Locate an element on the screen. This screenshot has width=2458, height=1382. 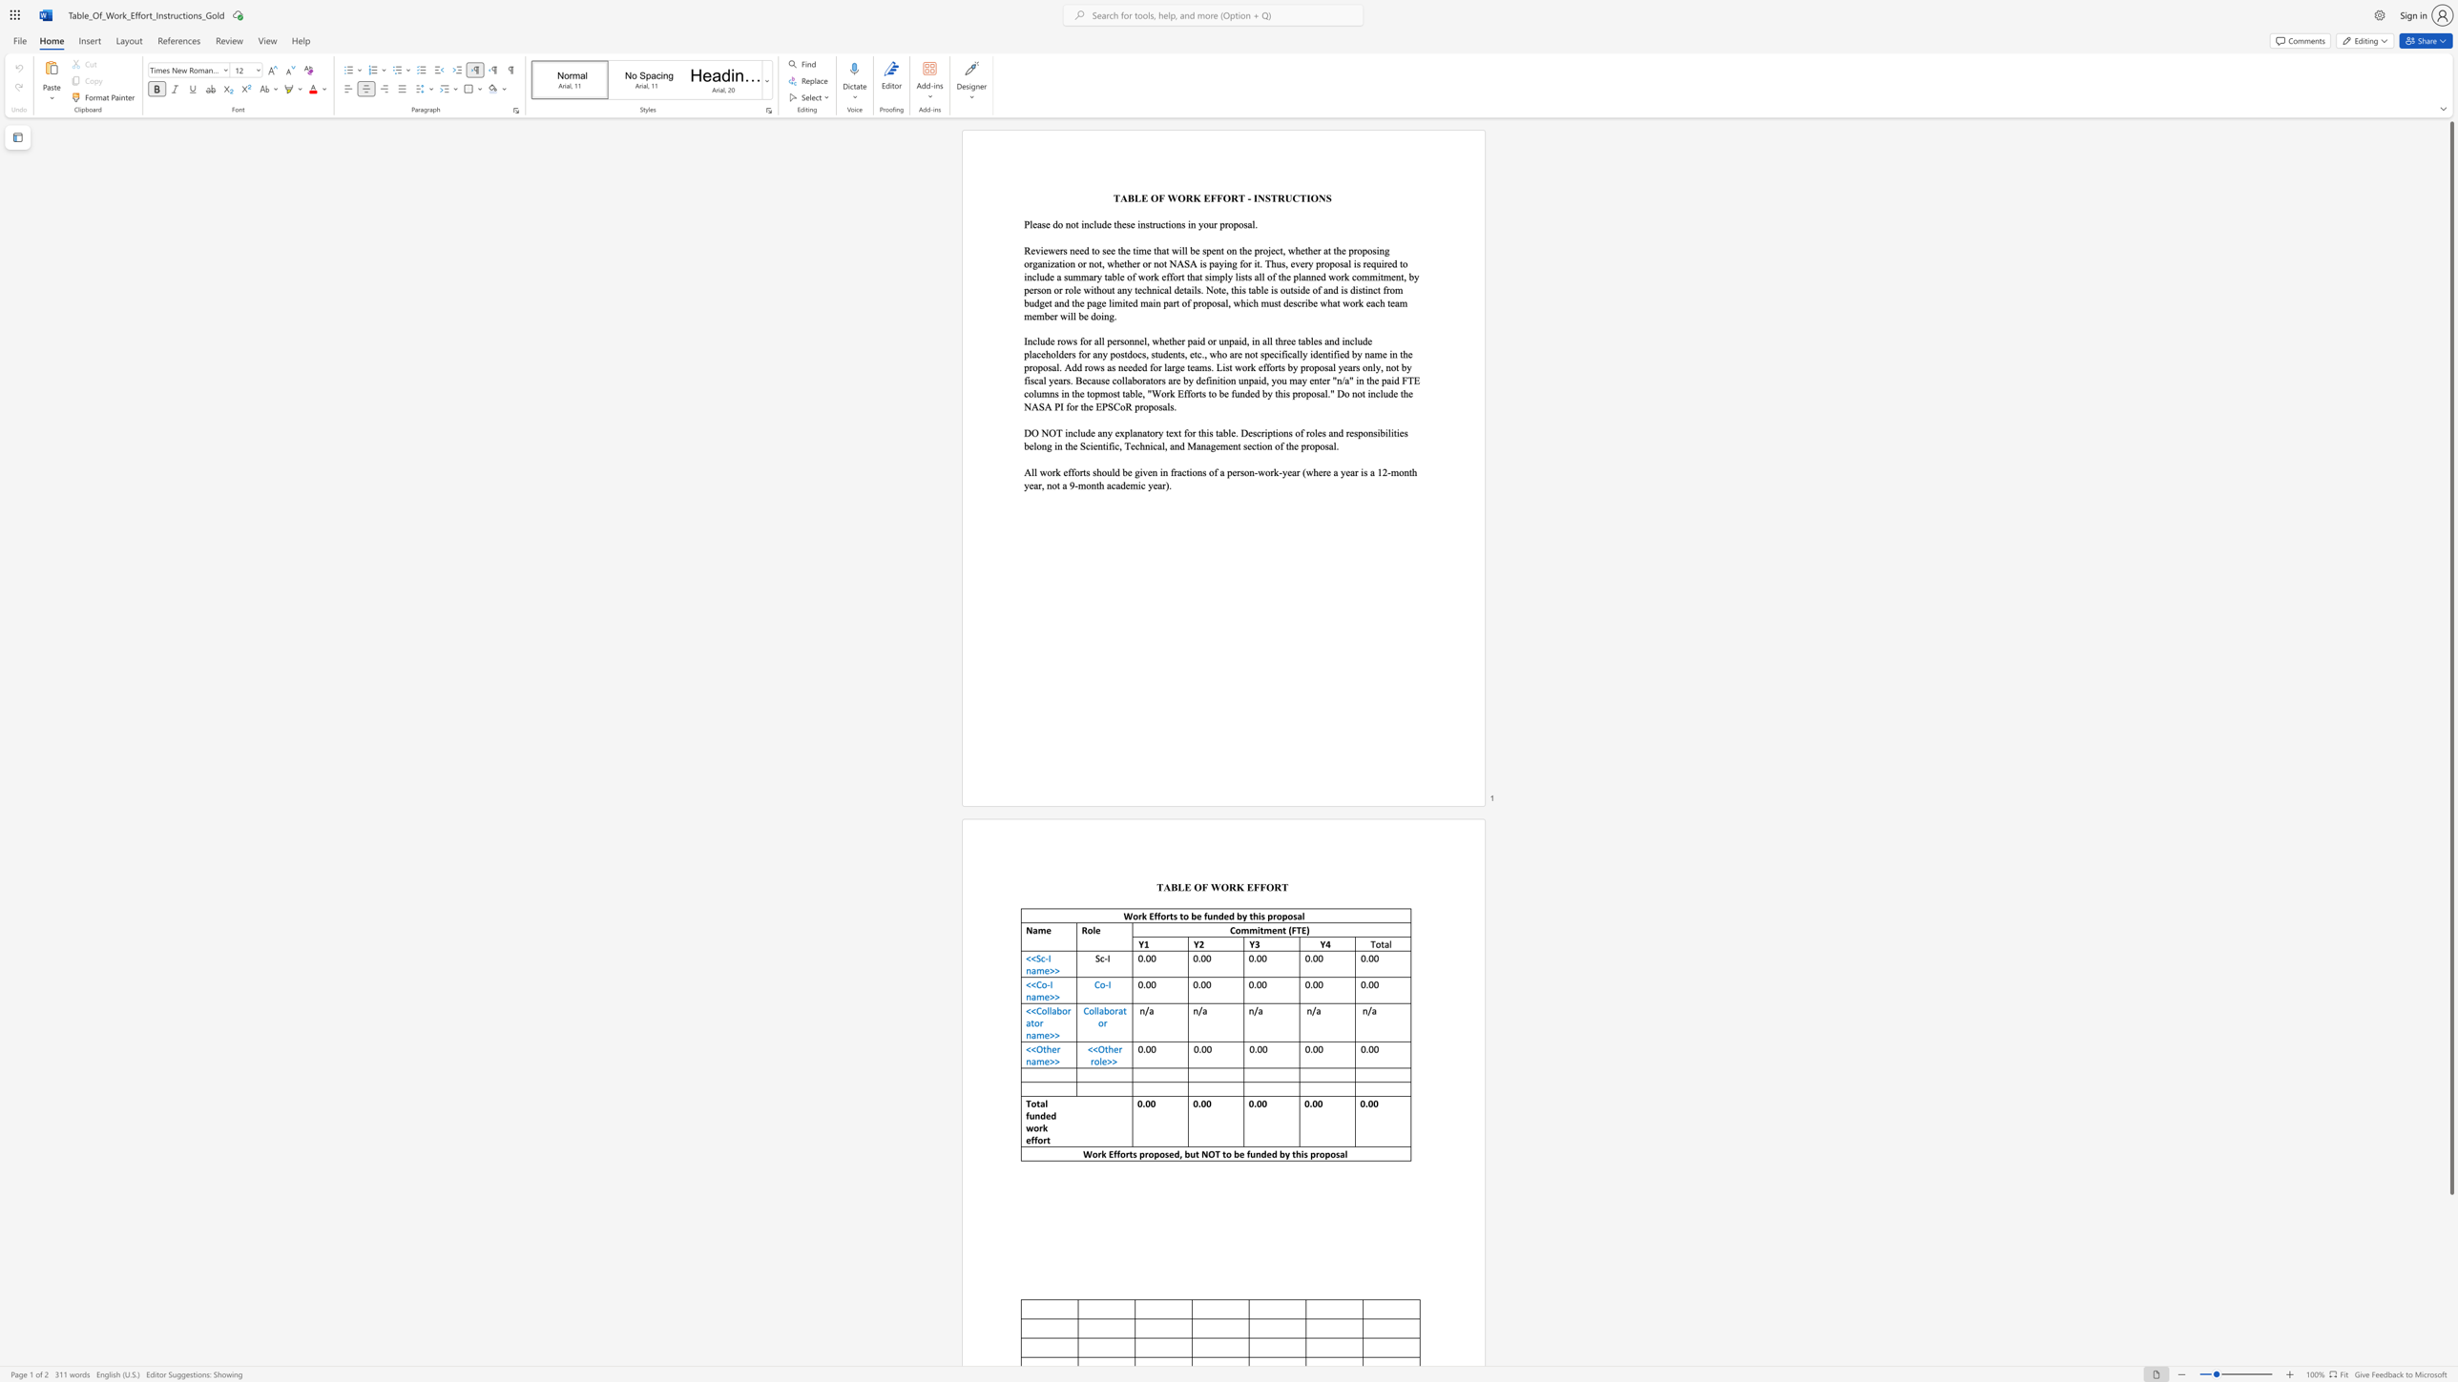
the scrollbar to move the page down is located at coordinates (2450, 1342).